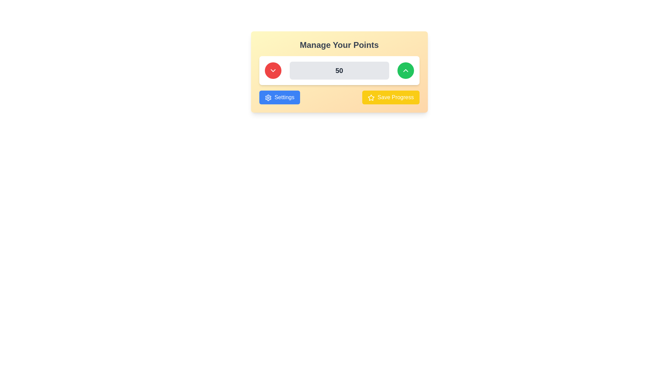  What do you see at coordinates (391, 97) in the screenshot?
I see `the 'Save Progress' button, which is a rectangular button with rounded corners, yellow background, white center-aligned text, and a star icon on the left` at bounding box center [391, 97].